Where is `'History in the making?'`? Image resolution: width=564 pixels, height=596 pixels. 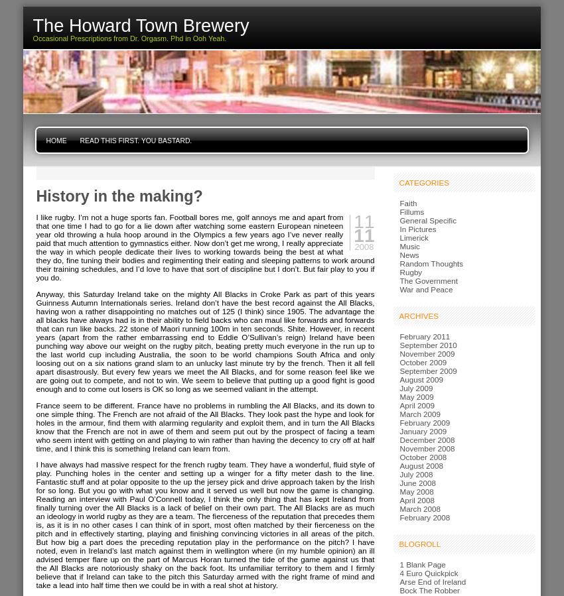
'History in the making?' is located at coordinates (35, 195).